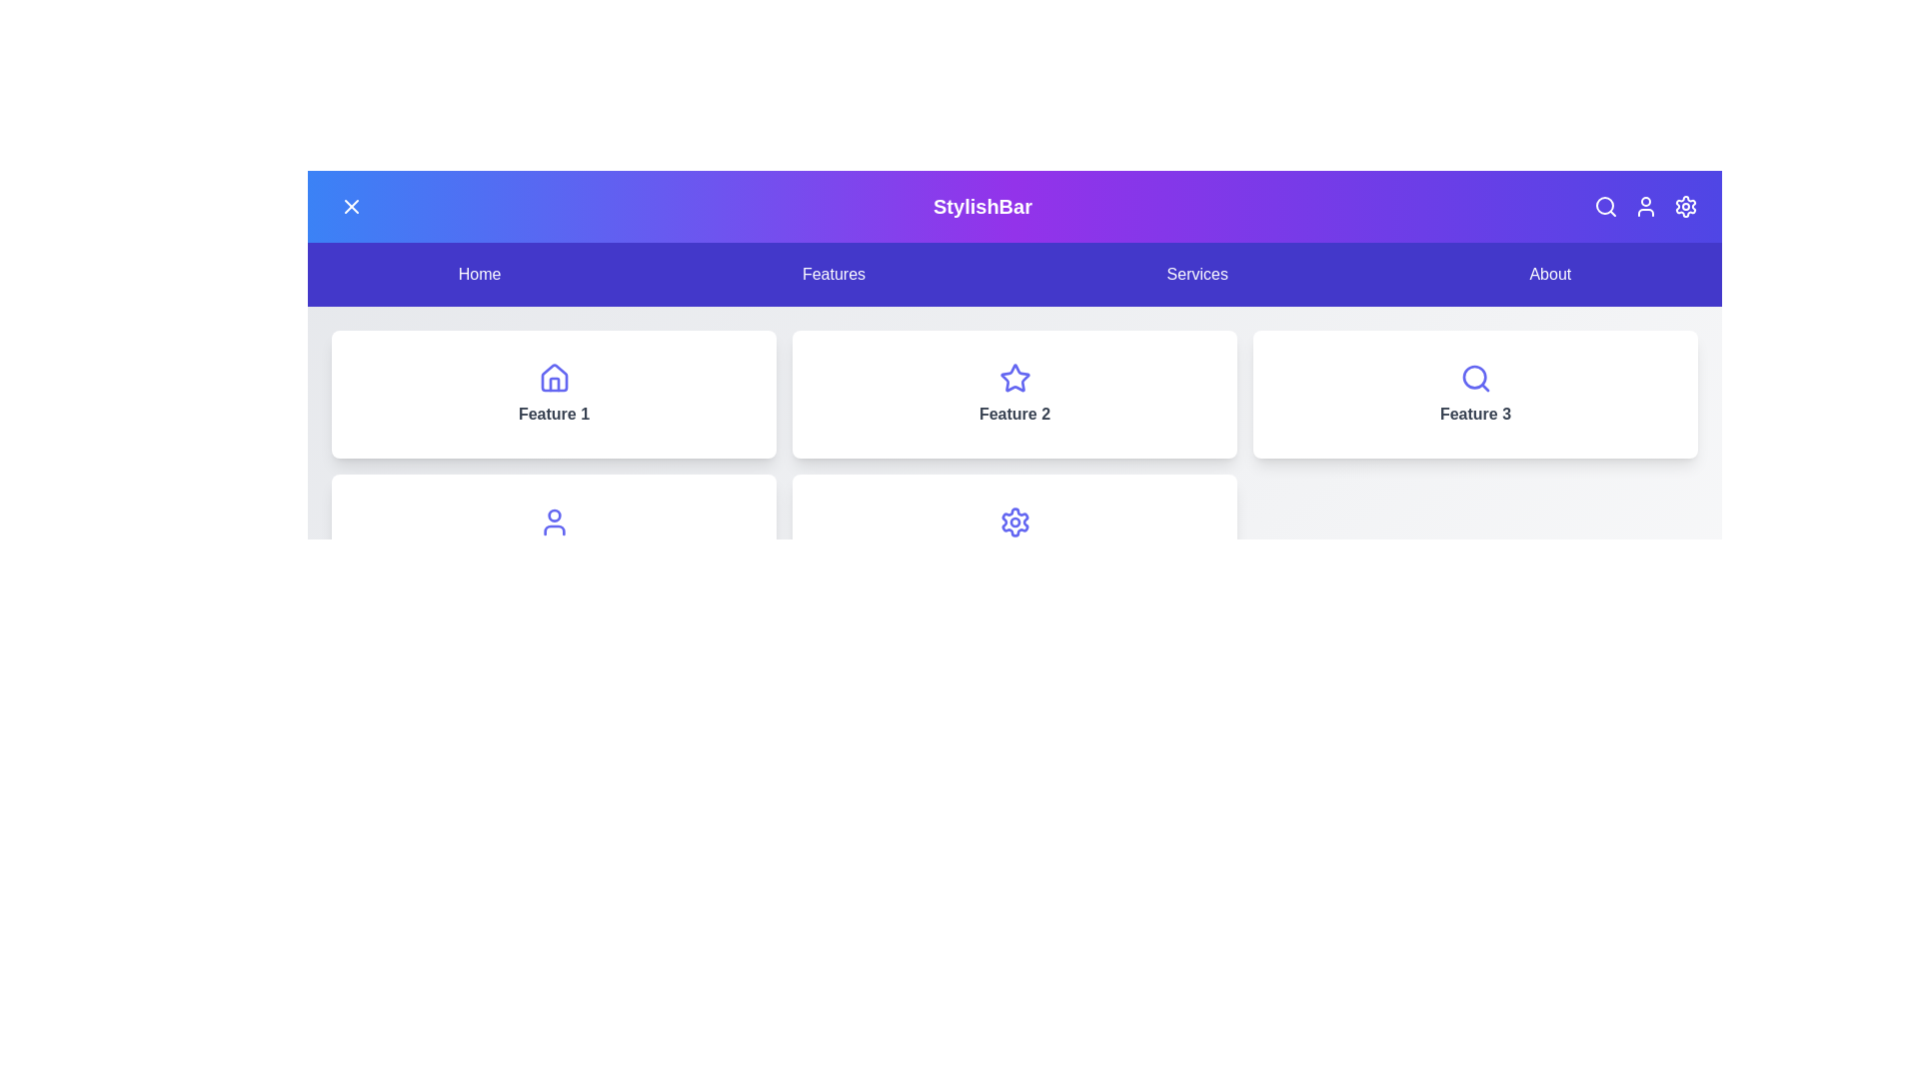  I want to click on the feature card labeled Feature 2, so click(1014, 394).